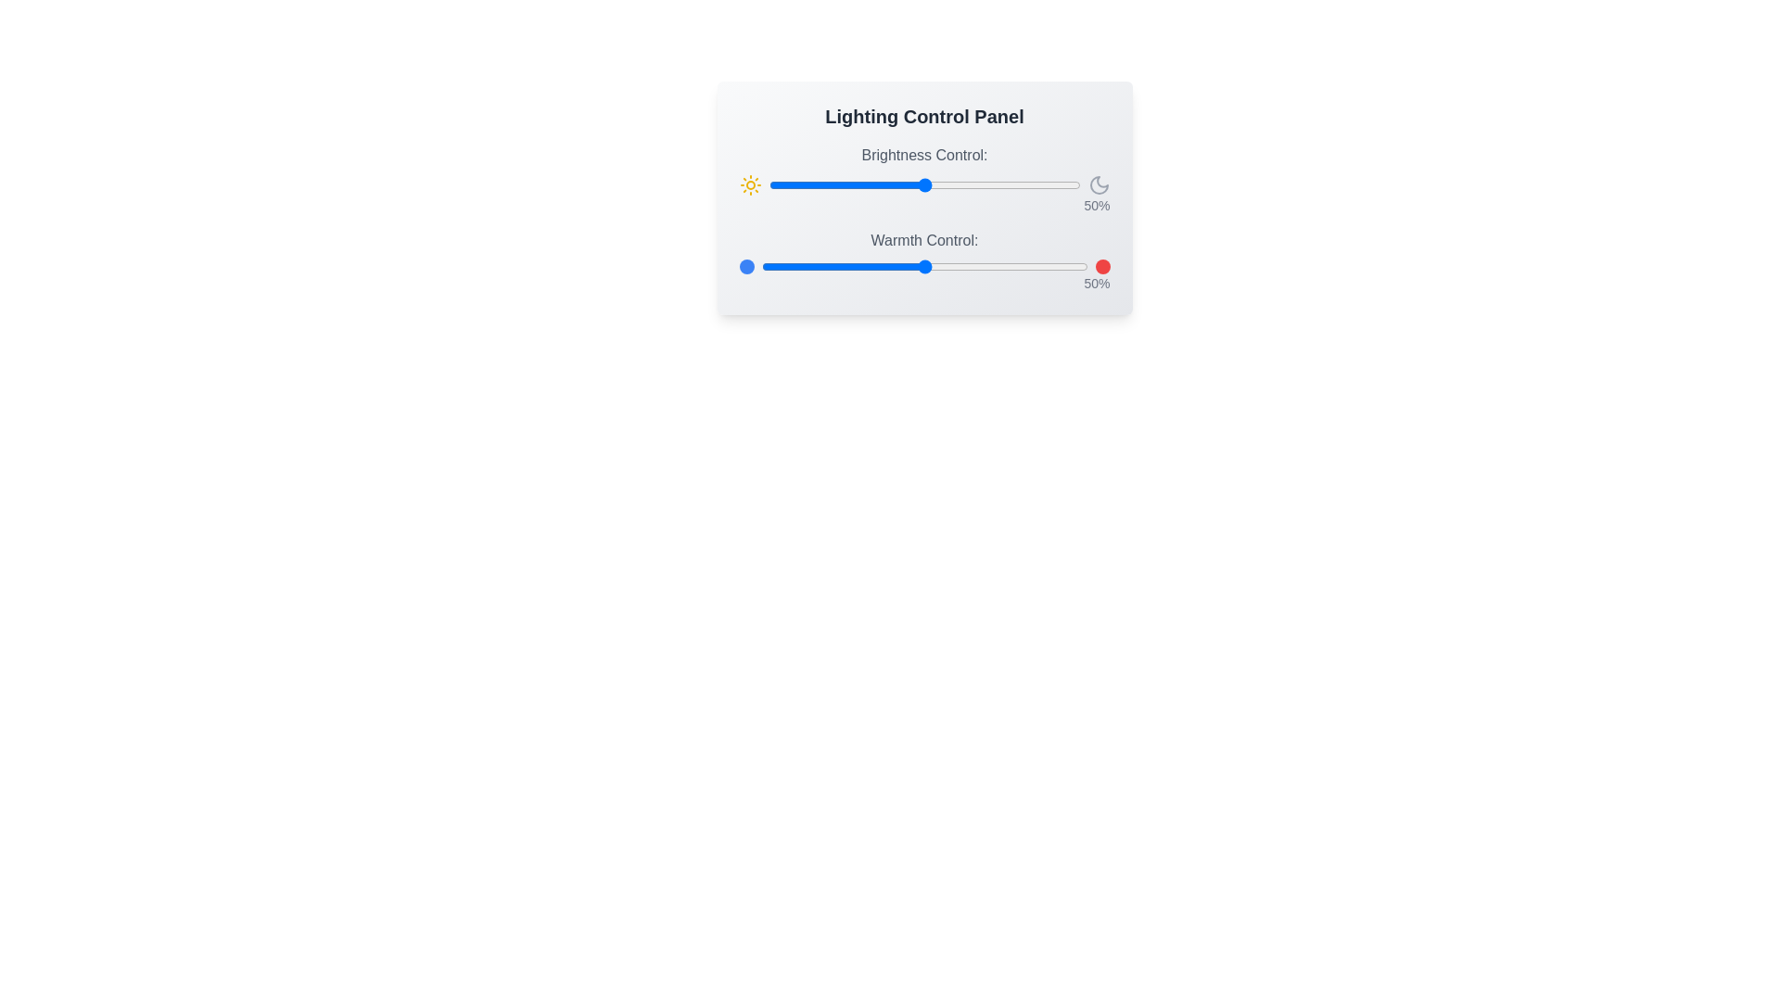 The image size is (1780, 1001). I want to click on warmth level, so click(1071, 267).